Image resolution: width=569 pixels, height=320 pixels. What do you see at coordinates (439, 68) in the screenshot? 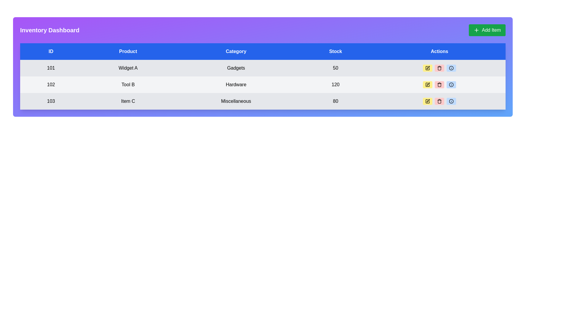
I see `the delete icon button located in the 'Actions' column of the third row of the data table` at bounding box center [439, 68].